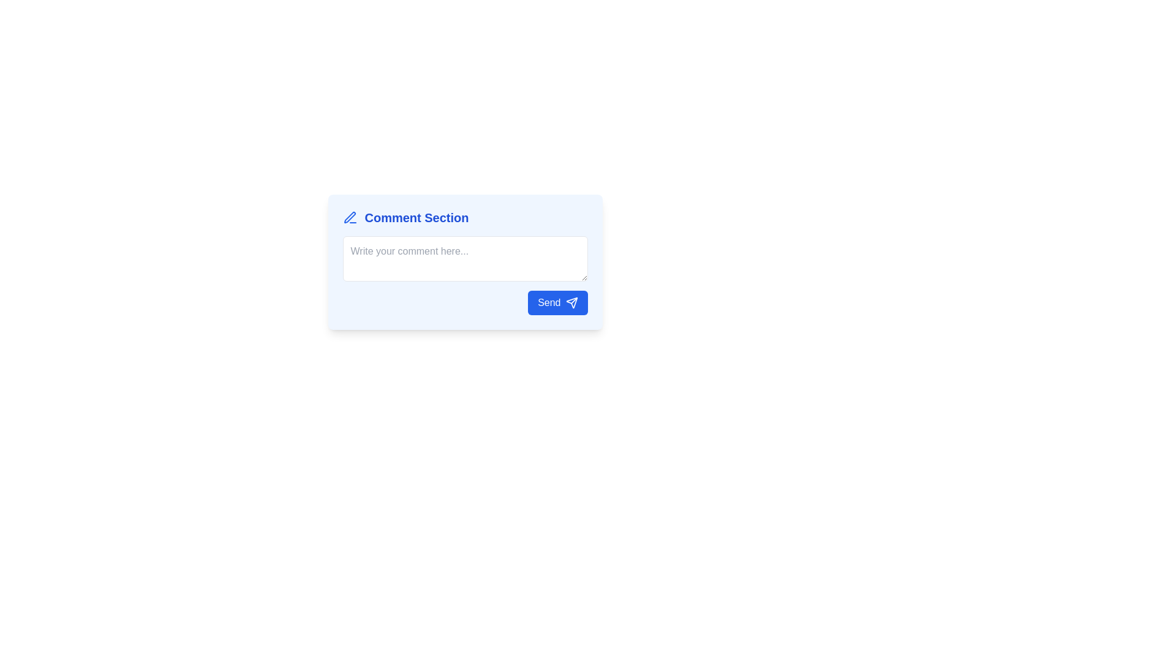 The height and width of the screenshot is (661, 1176). Describe the element at coordinates (417, 217) in the screenshot. I see `the static text header that indicates the purpose of the comment section, located immediately to the right of a pen-like icon in the upper region of the comment input area` at that location.